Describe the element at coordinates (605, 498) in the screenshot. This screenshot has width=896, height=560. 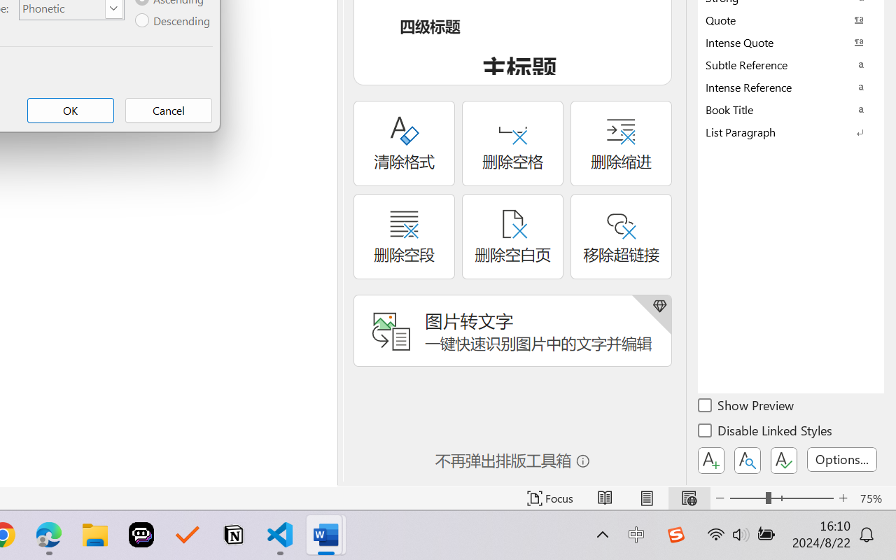
I see `'Read Mode'` at that location.